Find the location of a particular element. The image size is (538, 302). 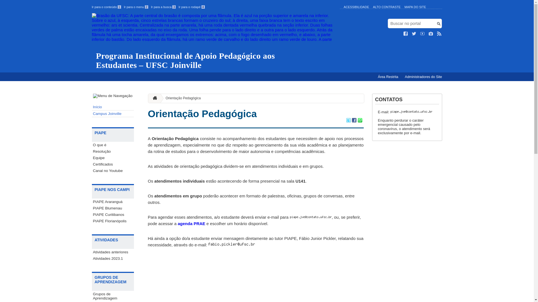

'PIAPE Curitibanos' is located at coordinates (92, 214).